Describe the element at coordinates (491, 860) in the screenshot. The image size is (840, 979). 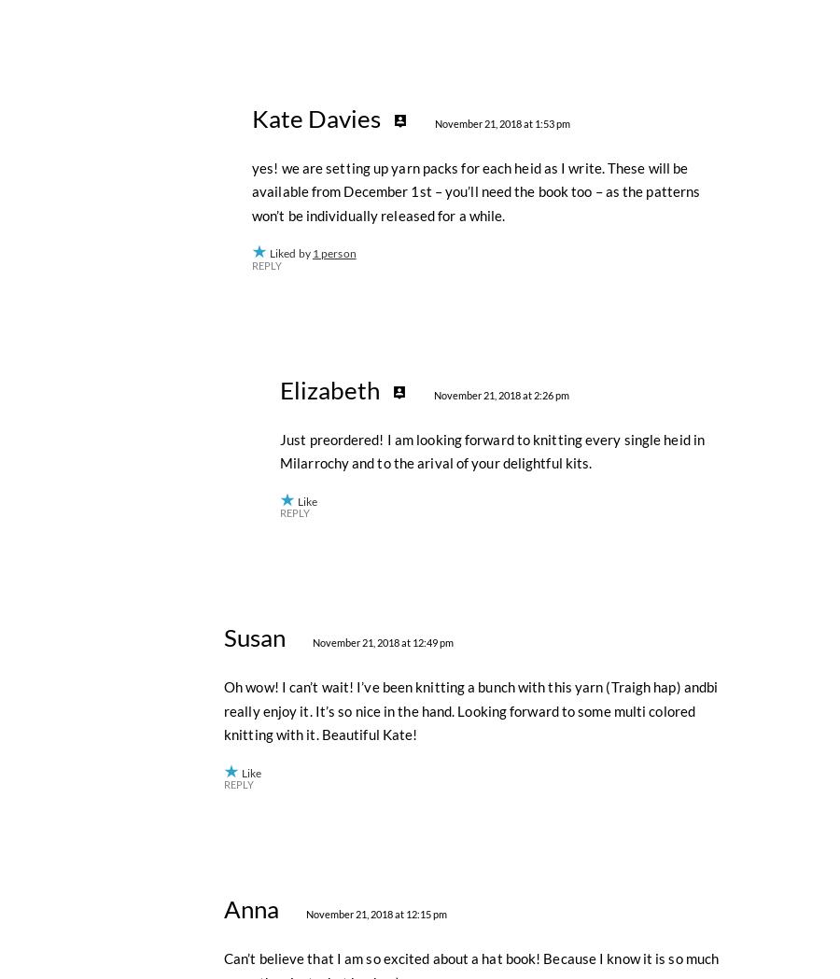
I see `'Just preordered!  I am looking forward to knitting every single heid in Milarrochy and to the arival of your delightful kits.'` at that location.